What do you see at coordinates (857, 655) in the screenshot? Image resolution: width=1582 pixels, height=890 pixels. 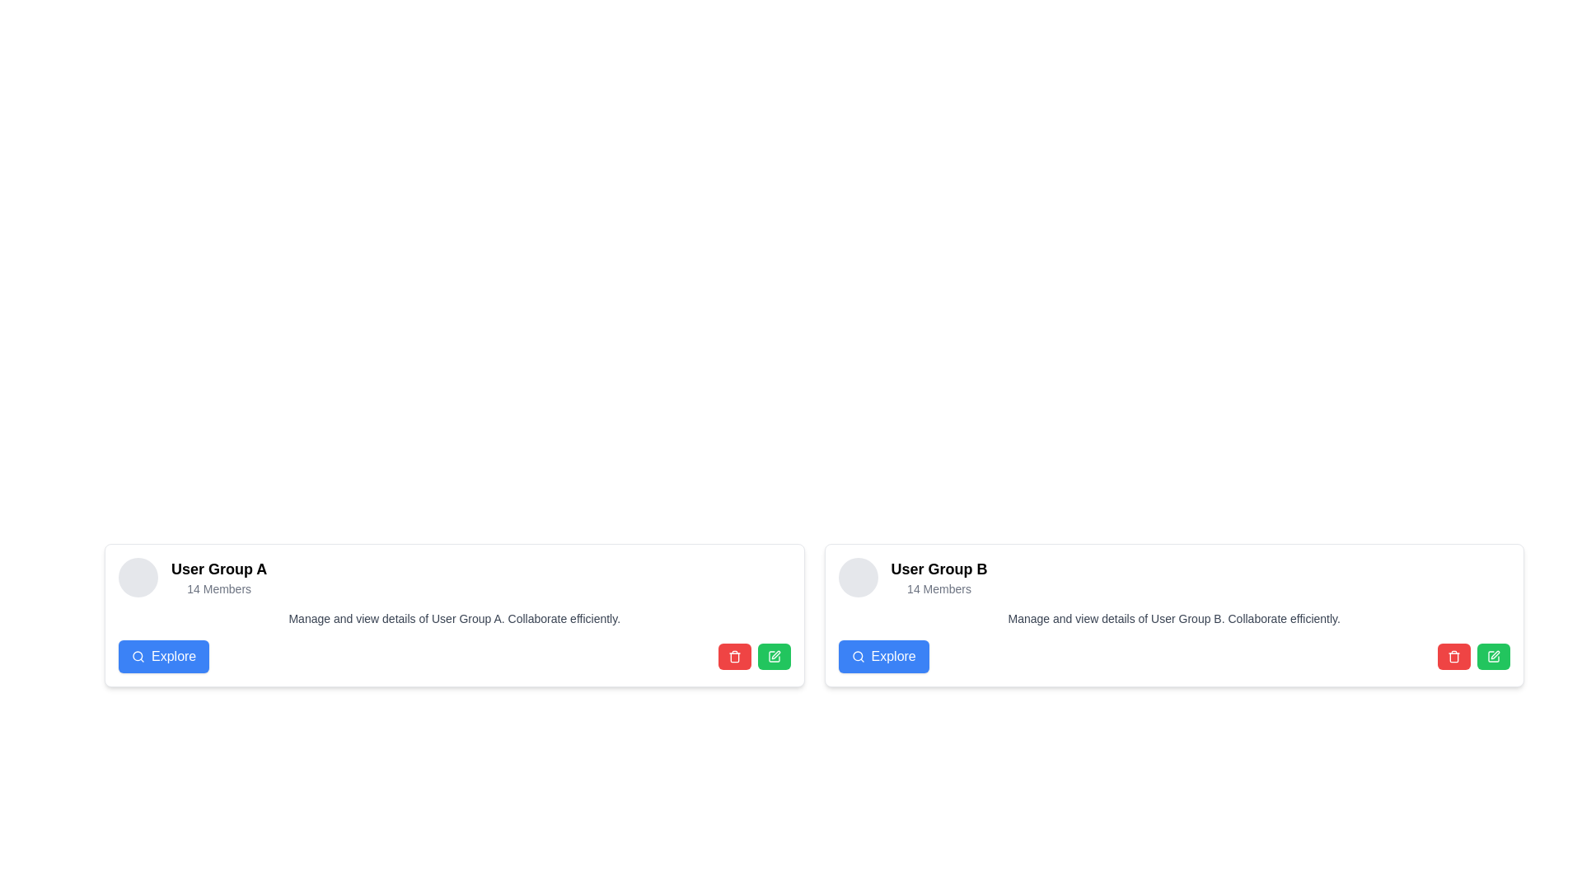 I see `the circular element at the center of the magnifying glass icon, which is part of the 'User Group B' card in the second column of the interface` at bounding box center [857, 655].